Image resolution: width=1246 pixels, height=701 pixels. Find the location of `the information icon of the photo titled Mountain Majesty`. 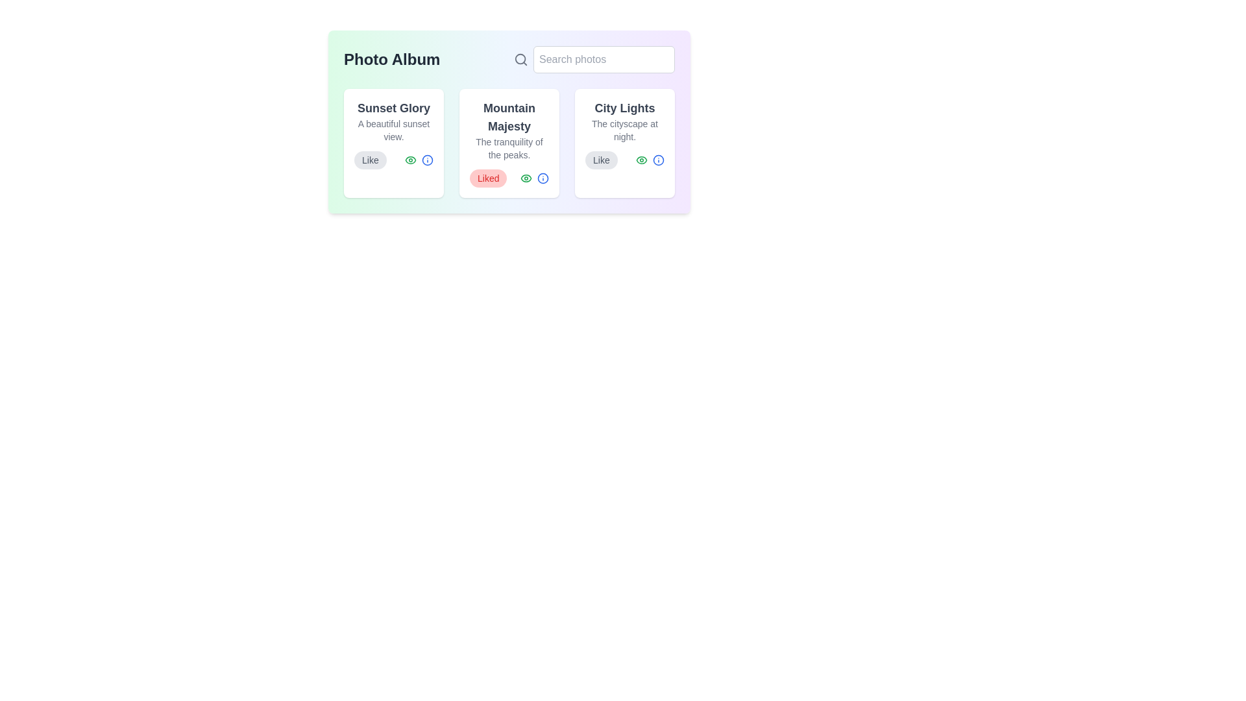

the information icon of the photo titled Mountain Majesty is located at coordinates (543, 178).